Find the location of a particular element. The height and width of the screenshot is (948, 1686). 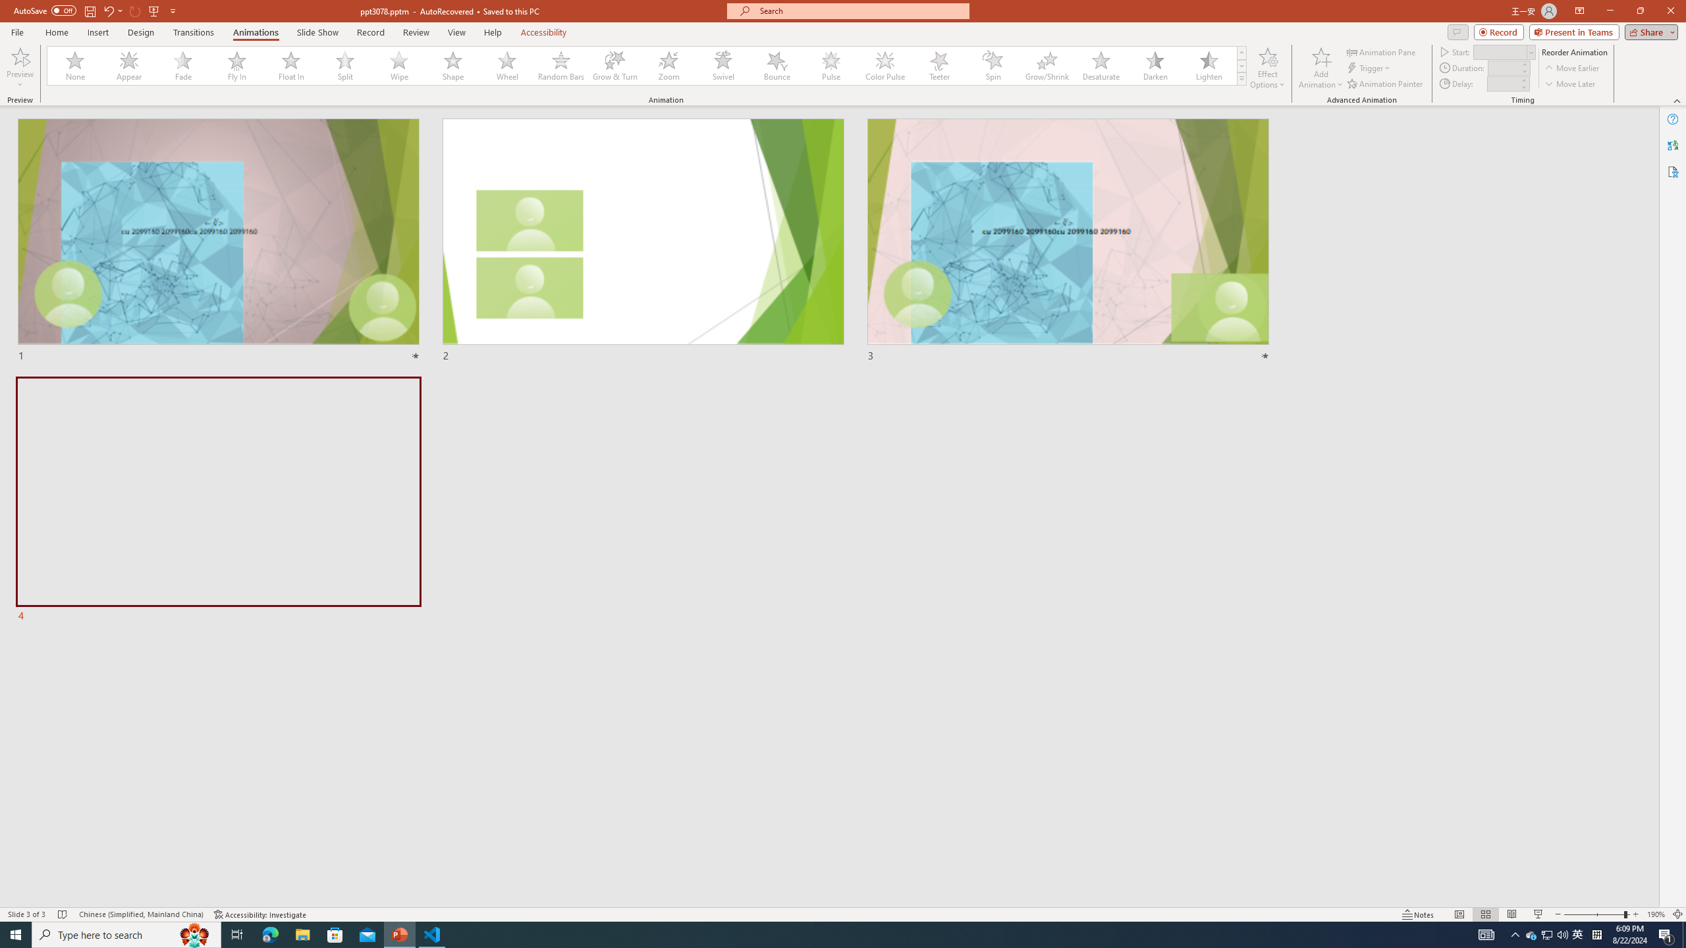

'Move Later' is located at coordinates (1570, 84).